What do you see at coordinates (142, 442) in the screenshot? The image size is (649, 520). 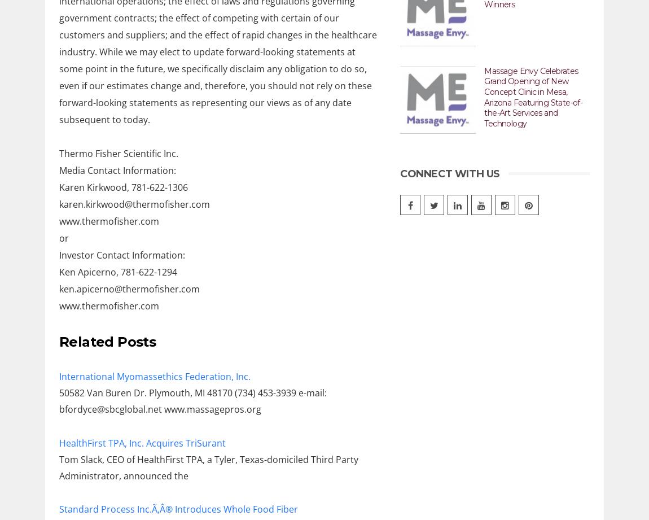 I see `'HealthFirst TPA, Inc. Acquires TriSurant'` at bounding box center [142, 442].